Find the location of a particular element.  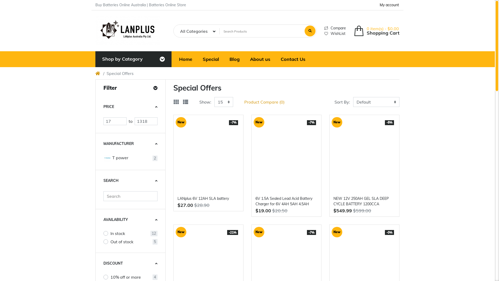

'Add to Wish List' is located at coordinates (203, 220).